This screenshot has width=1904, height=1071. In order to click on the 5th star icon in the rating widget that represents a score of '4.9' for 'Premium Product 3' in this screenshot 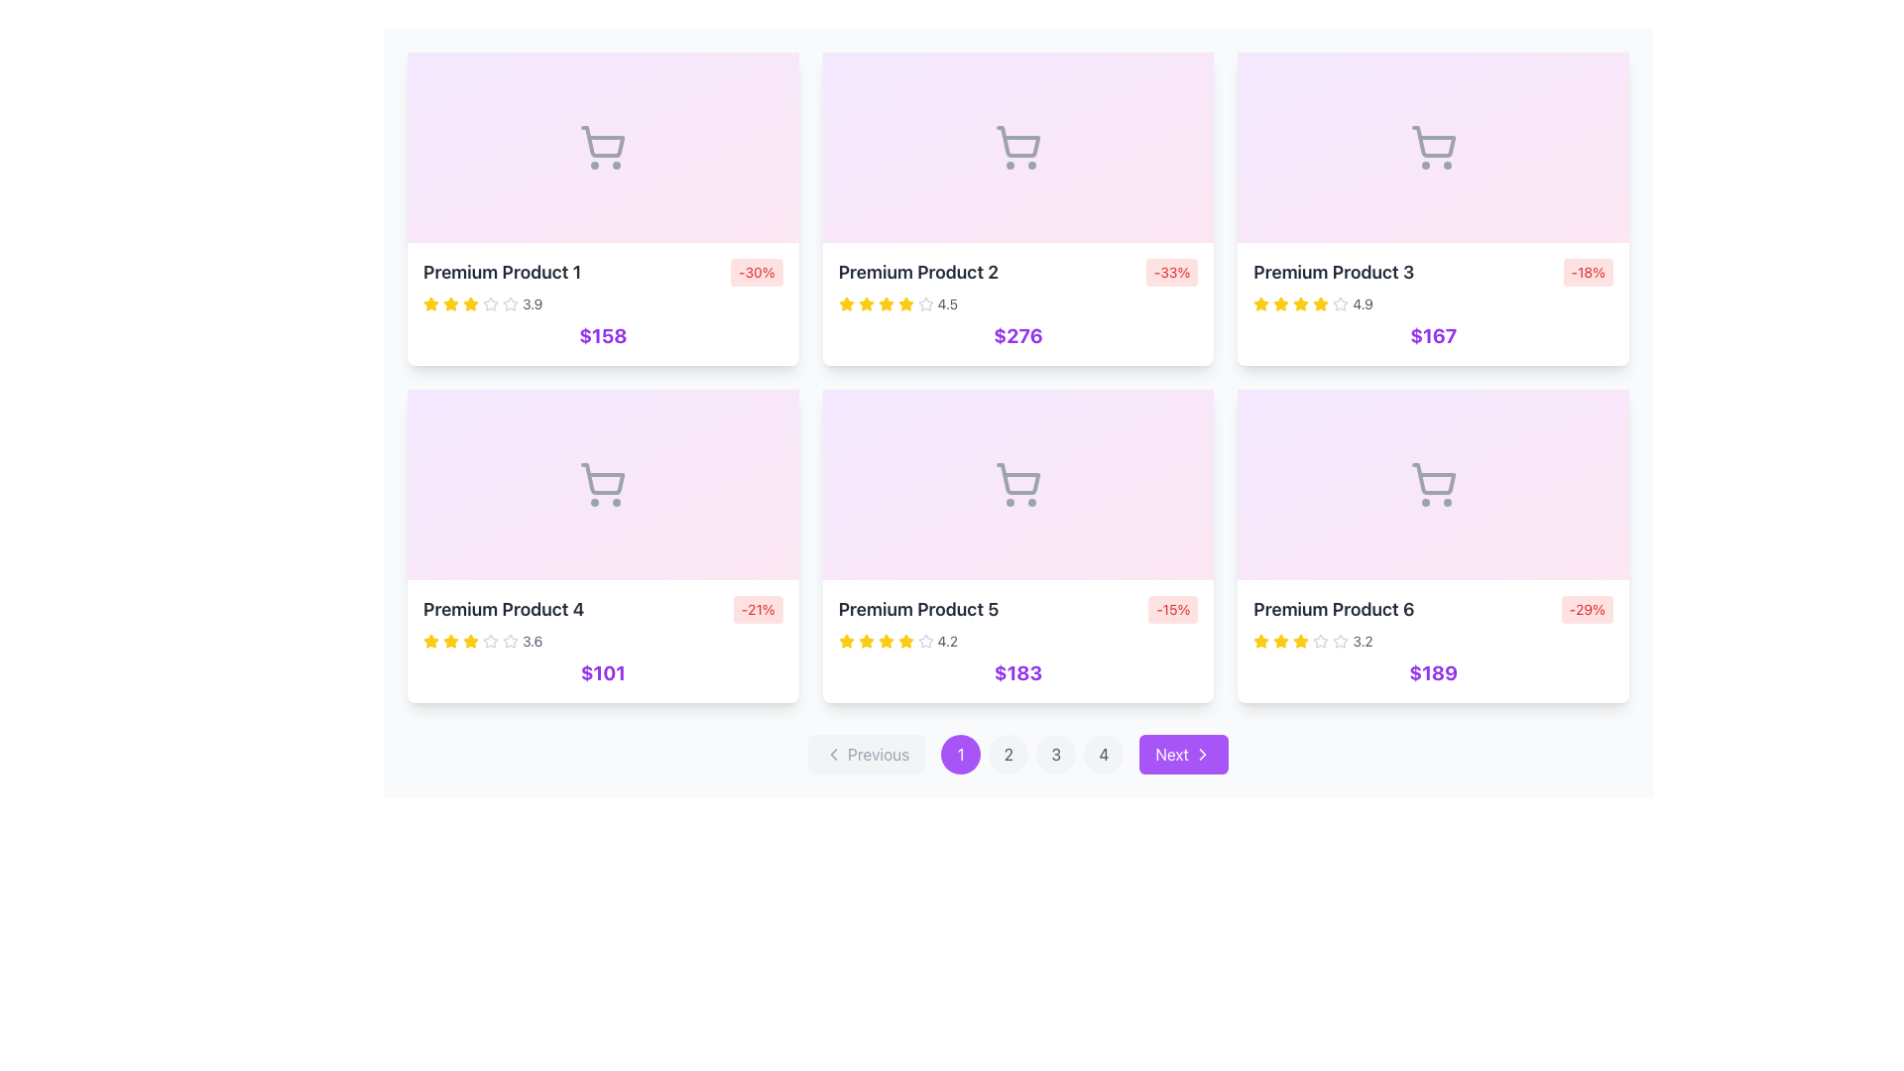, I will do `click(1321, 304)`.